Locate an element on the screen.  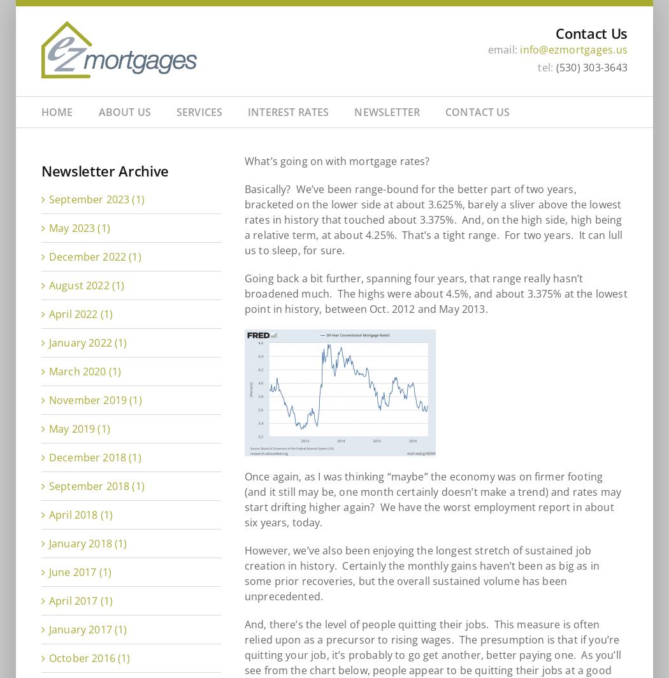
'Commercial Financing' is located at coordinates (236, 171).